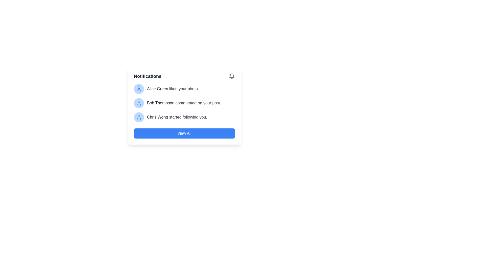 The width and height of the screenshot is (485, 273). What do you see at coordinates (184, 133) in the screenshot?
I see `the 'View All' button, which is a rectangular button with rounded corners, a solid blue background, and white text centered inside it, located at the bottom of a notification panel` at bounding box center [184, 133].